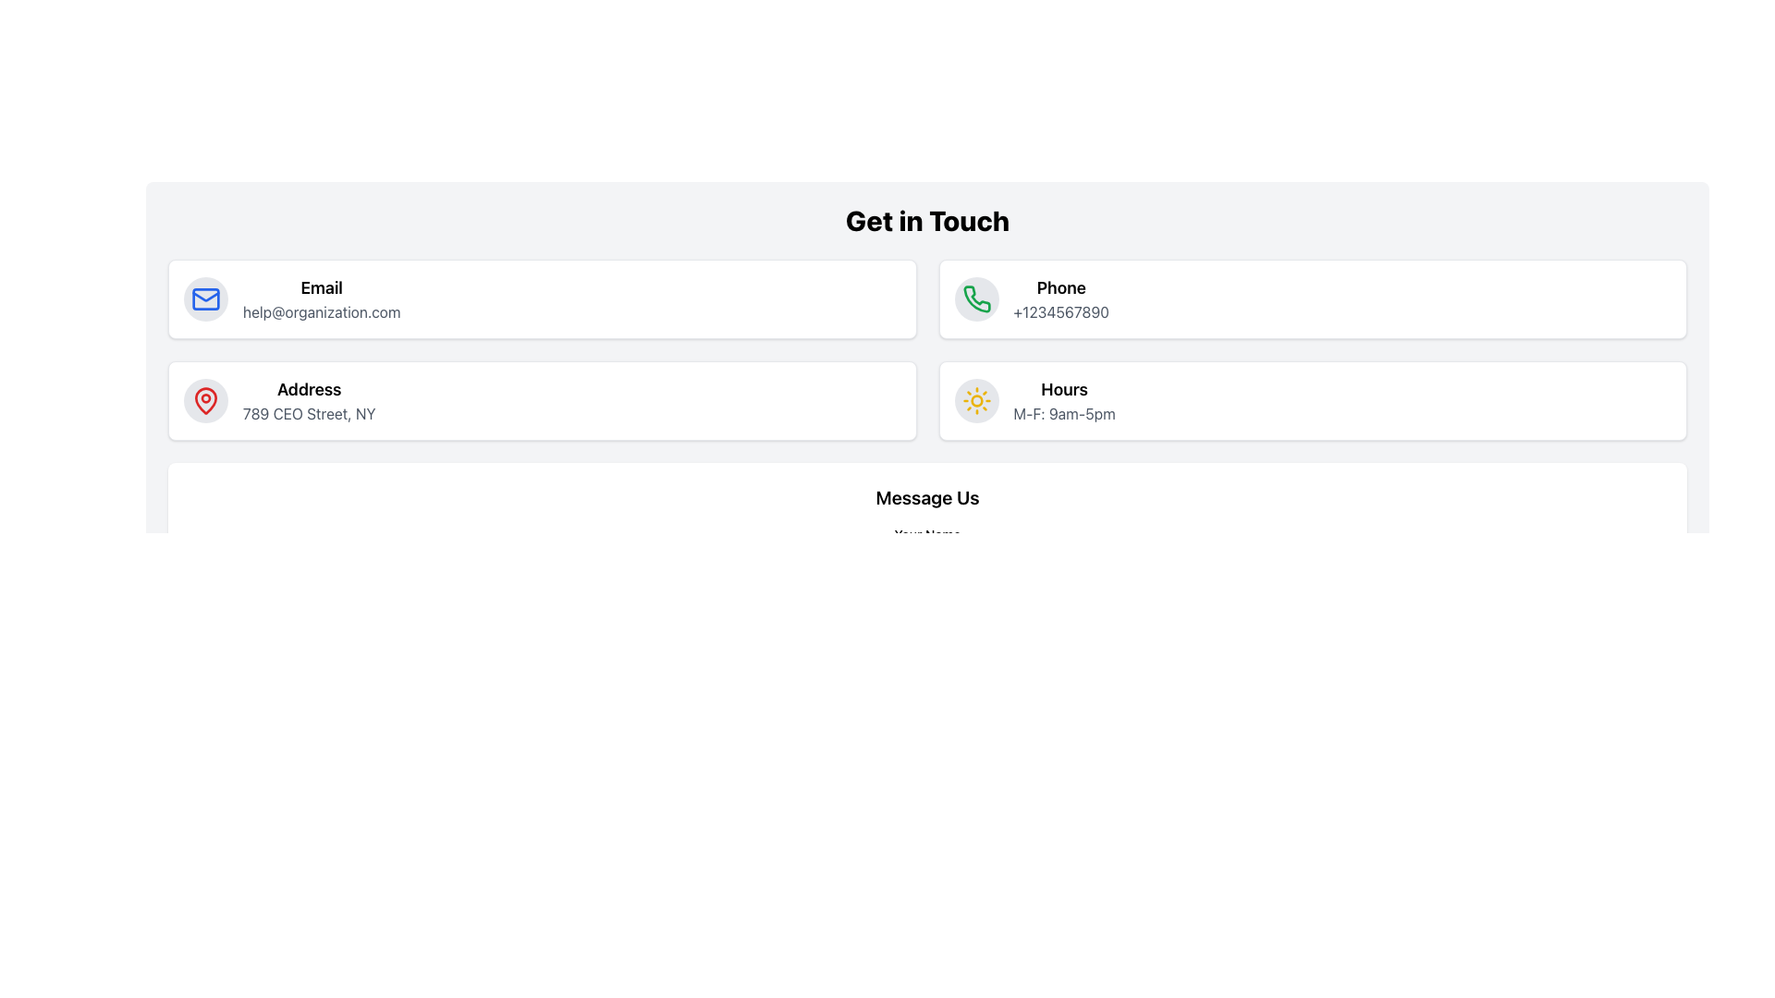 This screenshot has height=998, width=1775. What do you see at coordinates (1064, 400) in the screenshot?
I see `the informational text block displaying the operating hours 'M-F: 9am-5pm', located in the bottom-right of the card under the 'Get in Touch' section` at bounding box center [1064, 400].